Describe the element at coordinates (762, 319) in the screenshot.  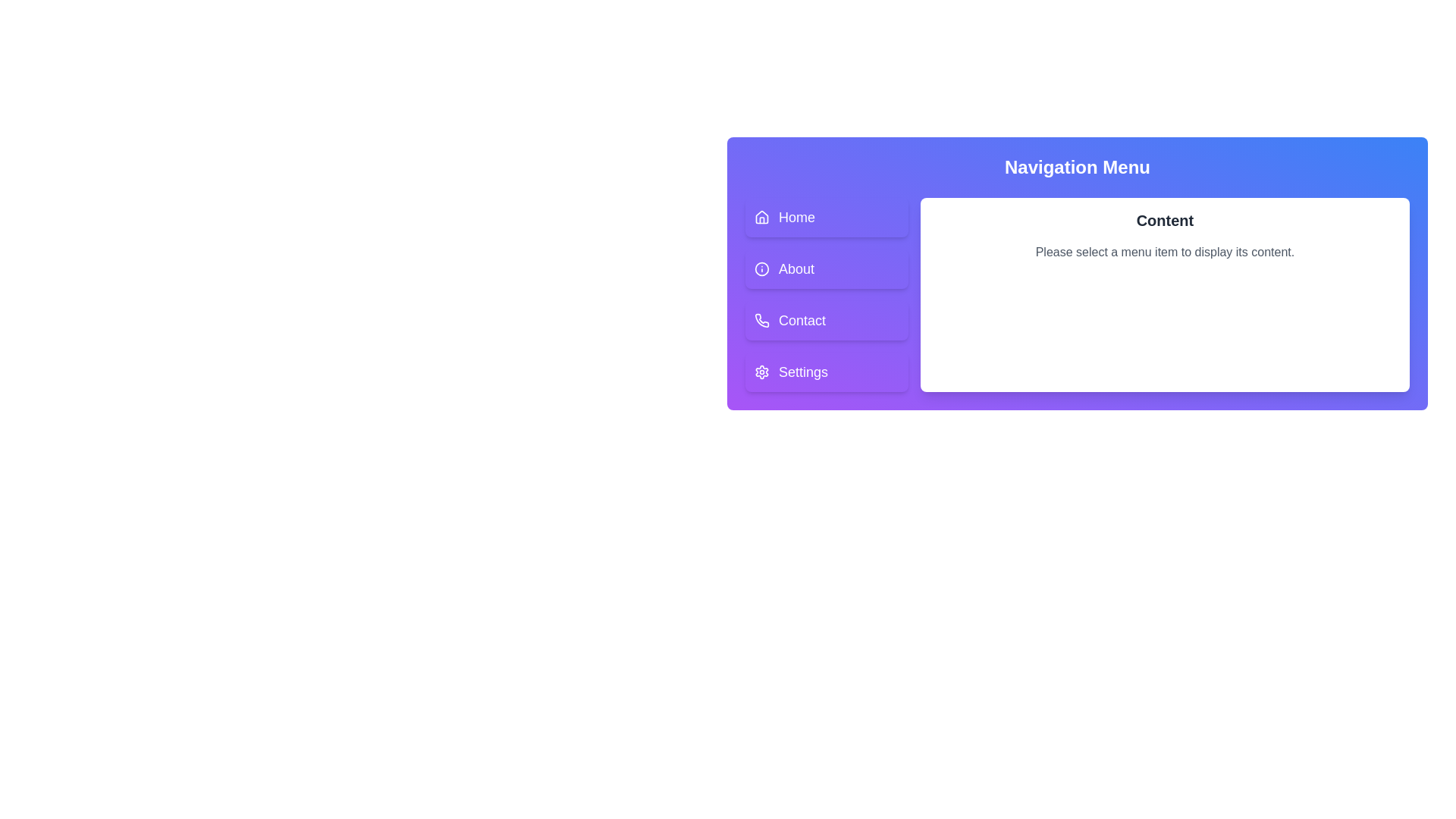
I see `the 'Contact' button in the vertical navigation menu, which features a minimalistic phone receiver icon styled in light outline on a colored background` at that location.